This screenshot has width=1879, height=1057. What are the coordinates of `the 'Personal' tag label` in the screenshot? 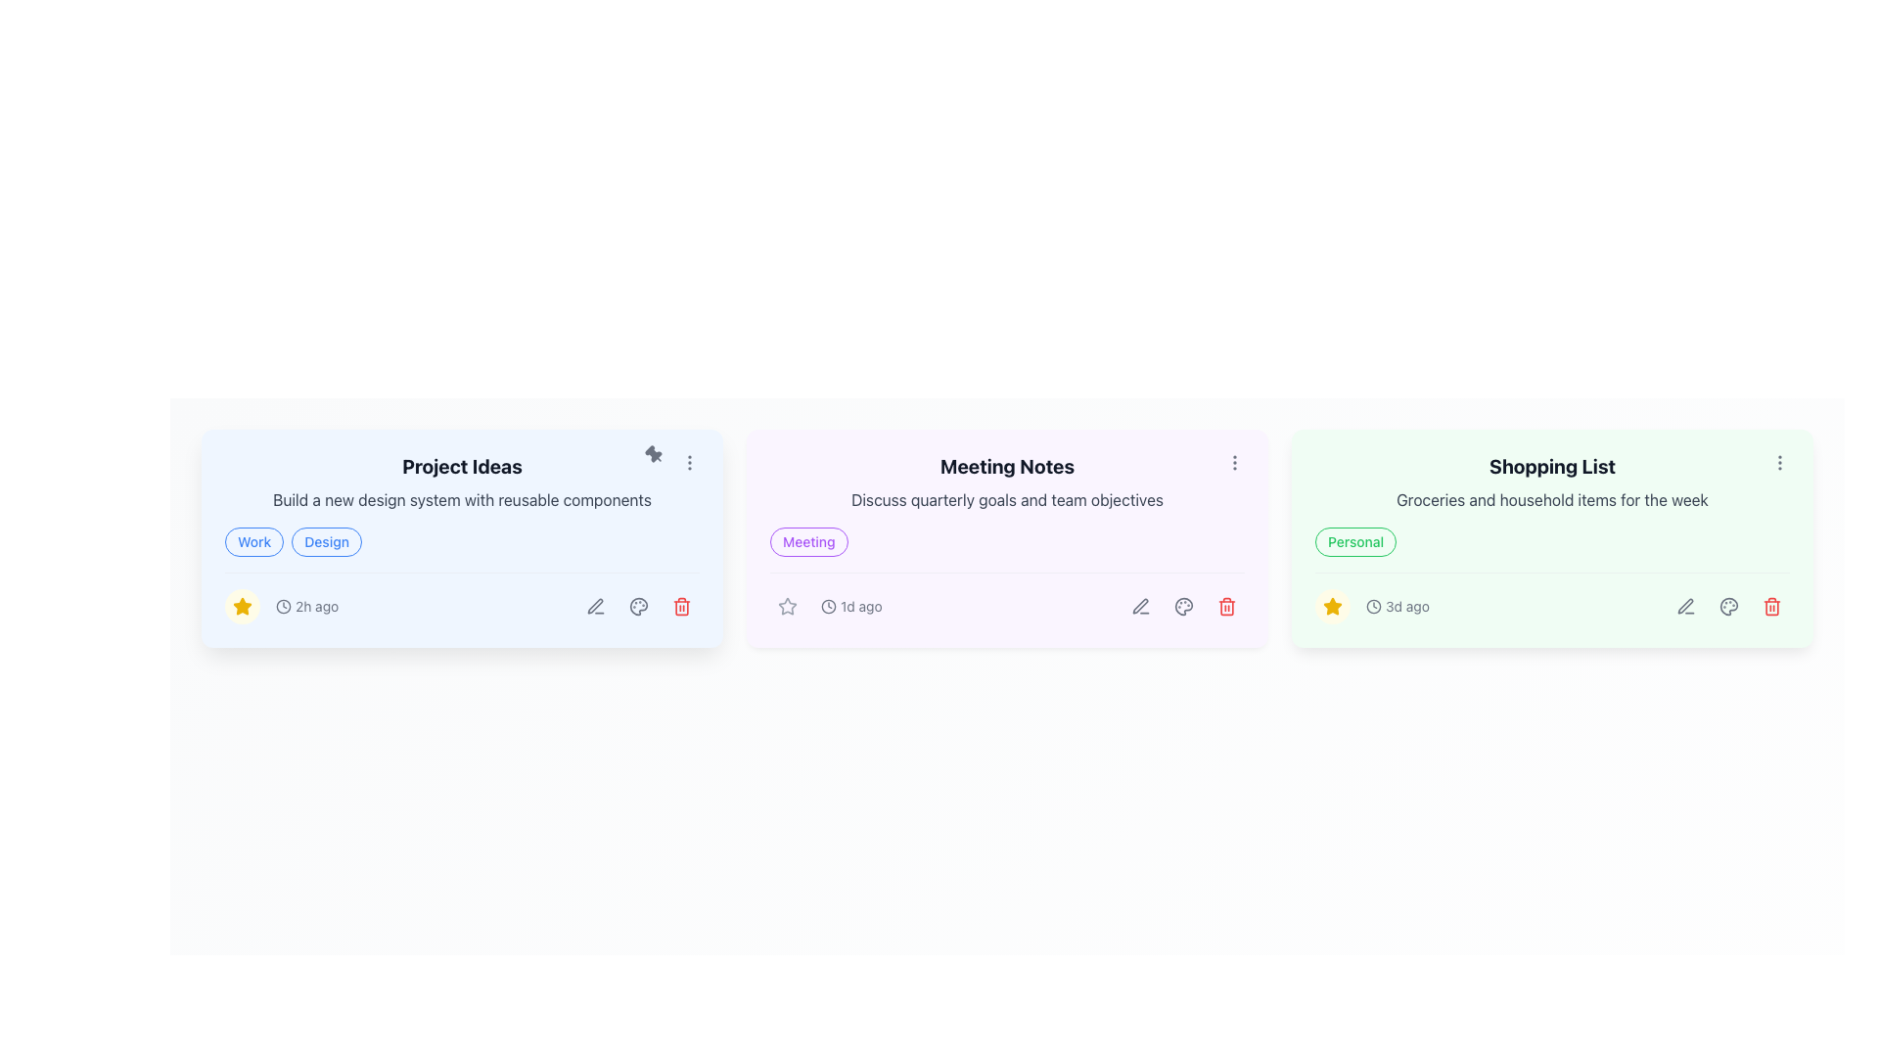 It's located at (1551, 542).